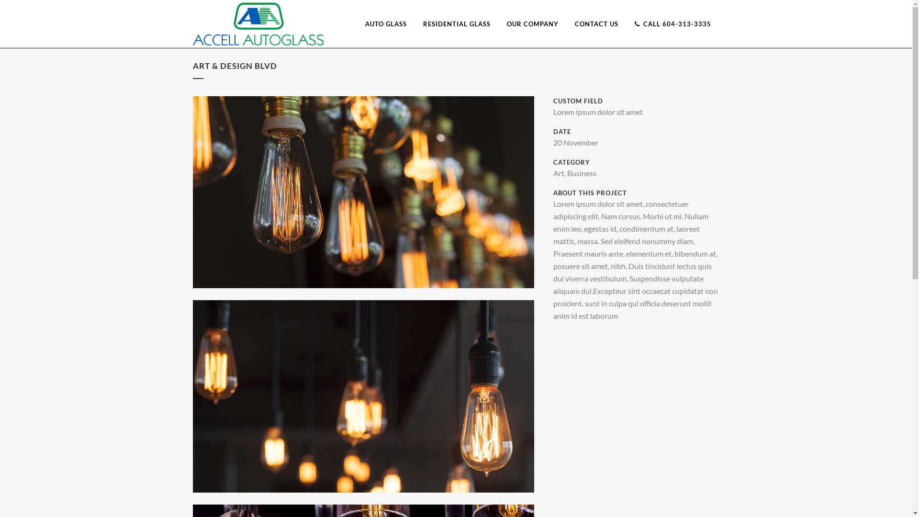 The width and height of the screenshot is (919, 517). I want to click on 'AUTO GLASS', so click(356, 23).